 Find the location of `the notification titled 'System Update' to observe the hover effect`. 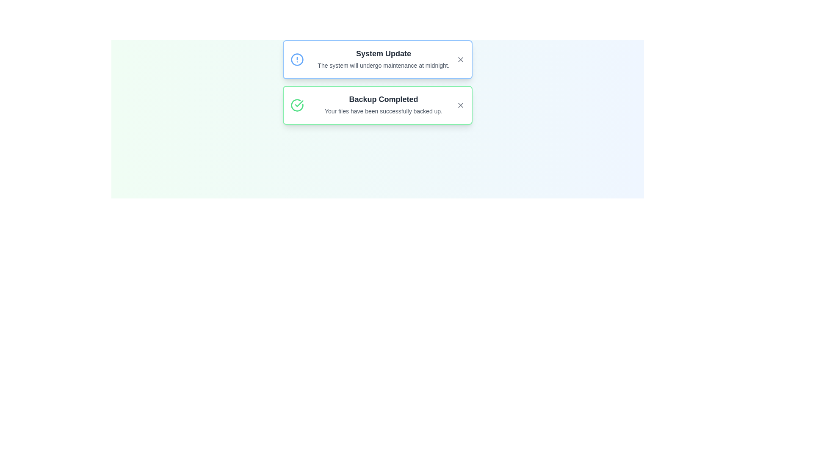

the notification titled 'System Update' to observe the hover effect is located at coordinates (377, 59).